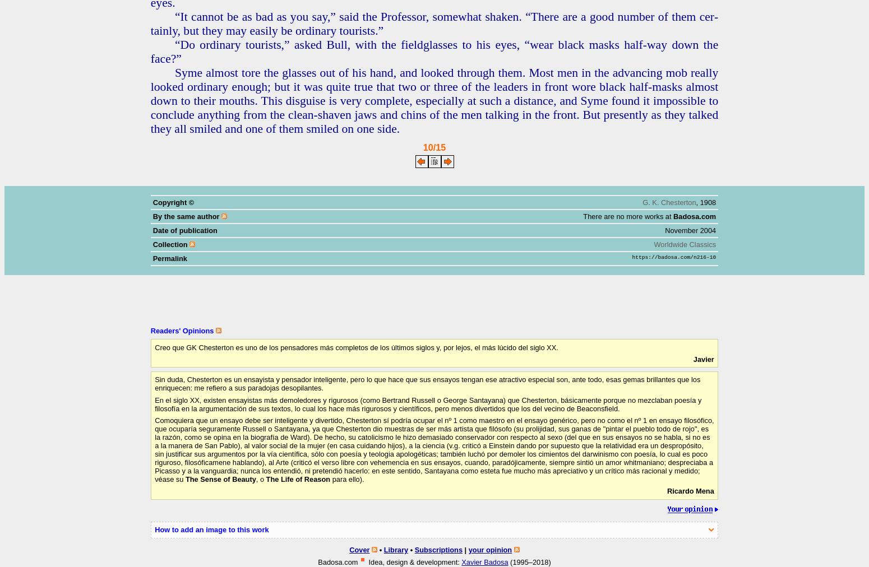 This screenshot has width=869, height=567. Describe the element at coordinates (169, 258) in the screenshot. I see `'Permalink'` at that location.